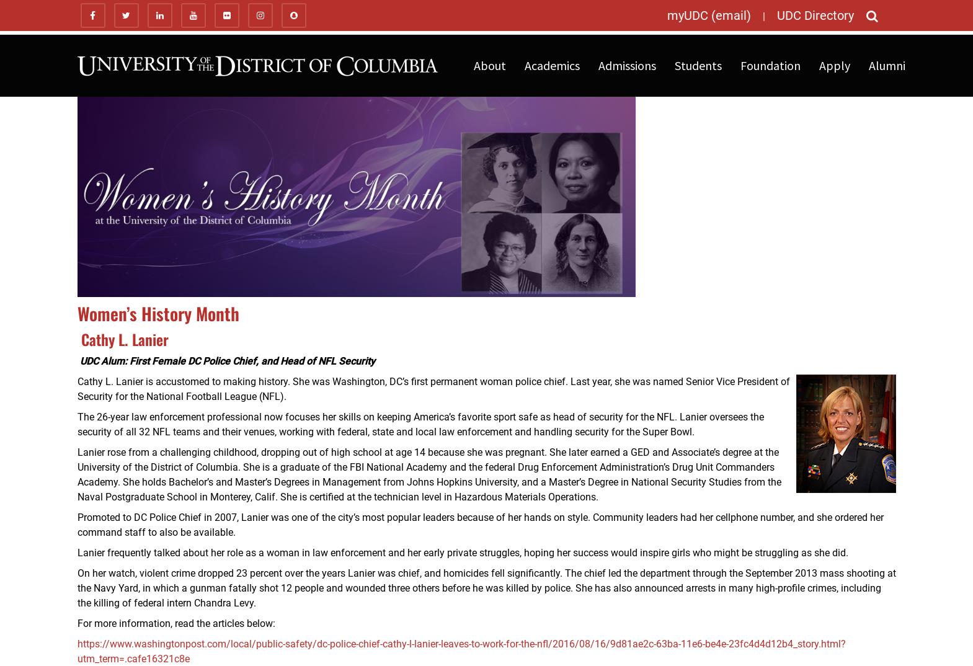 The width and height of the screenshot is (973, 666). I want to click on 'Students', so click(697, 65).